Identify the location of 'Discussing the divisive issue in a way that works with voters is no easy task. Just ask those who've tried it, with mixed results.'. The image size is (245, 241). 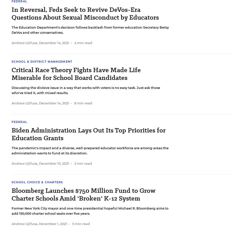
(85, 90).